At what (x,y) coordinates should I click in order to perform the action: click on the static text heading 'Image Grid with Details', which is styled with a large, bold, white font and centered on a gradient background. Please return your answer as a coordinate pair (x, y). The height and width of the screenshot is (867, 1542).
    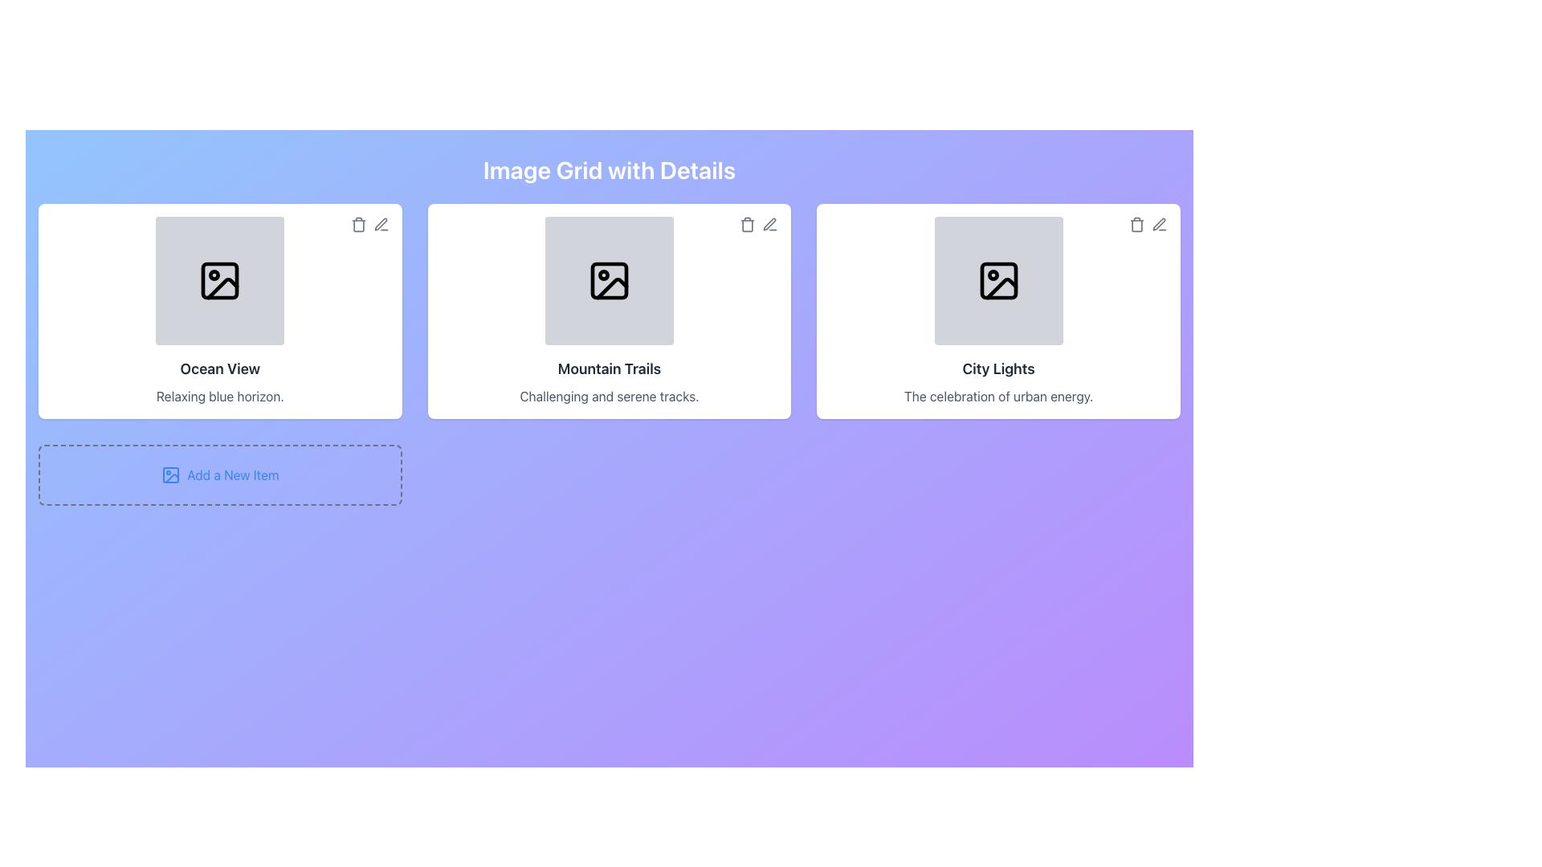
    Looking at the image, I should click on (608, 170).